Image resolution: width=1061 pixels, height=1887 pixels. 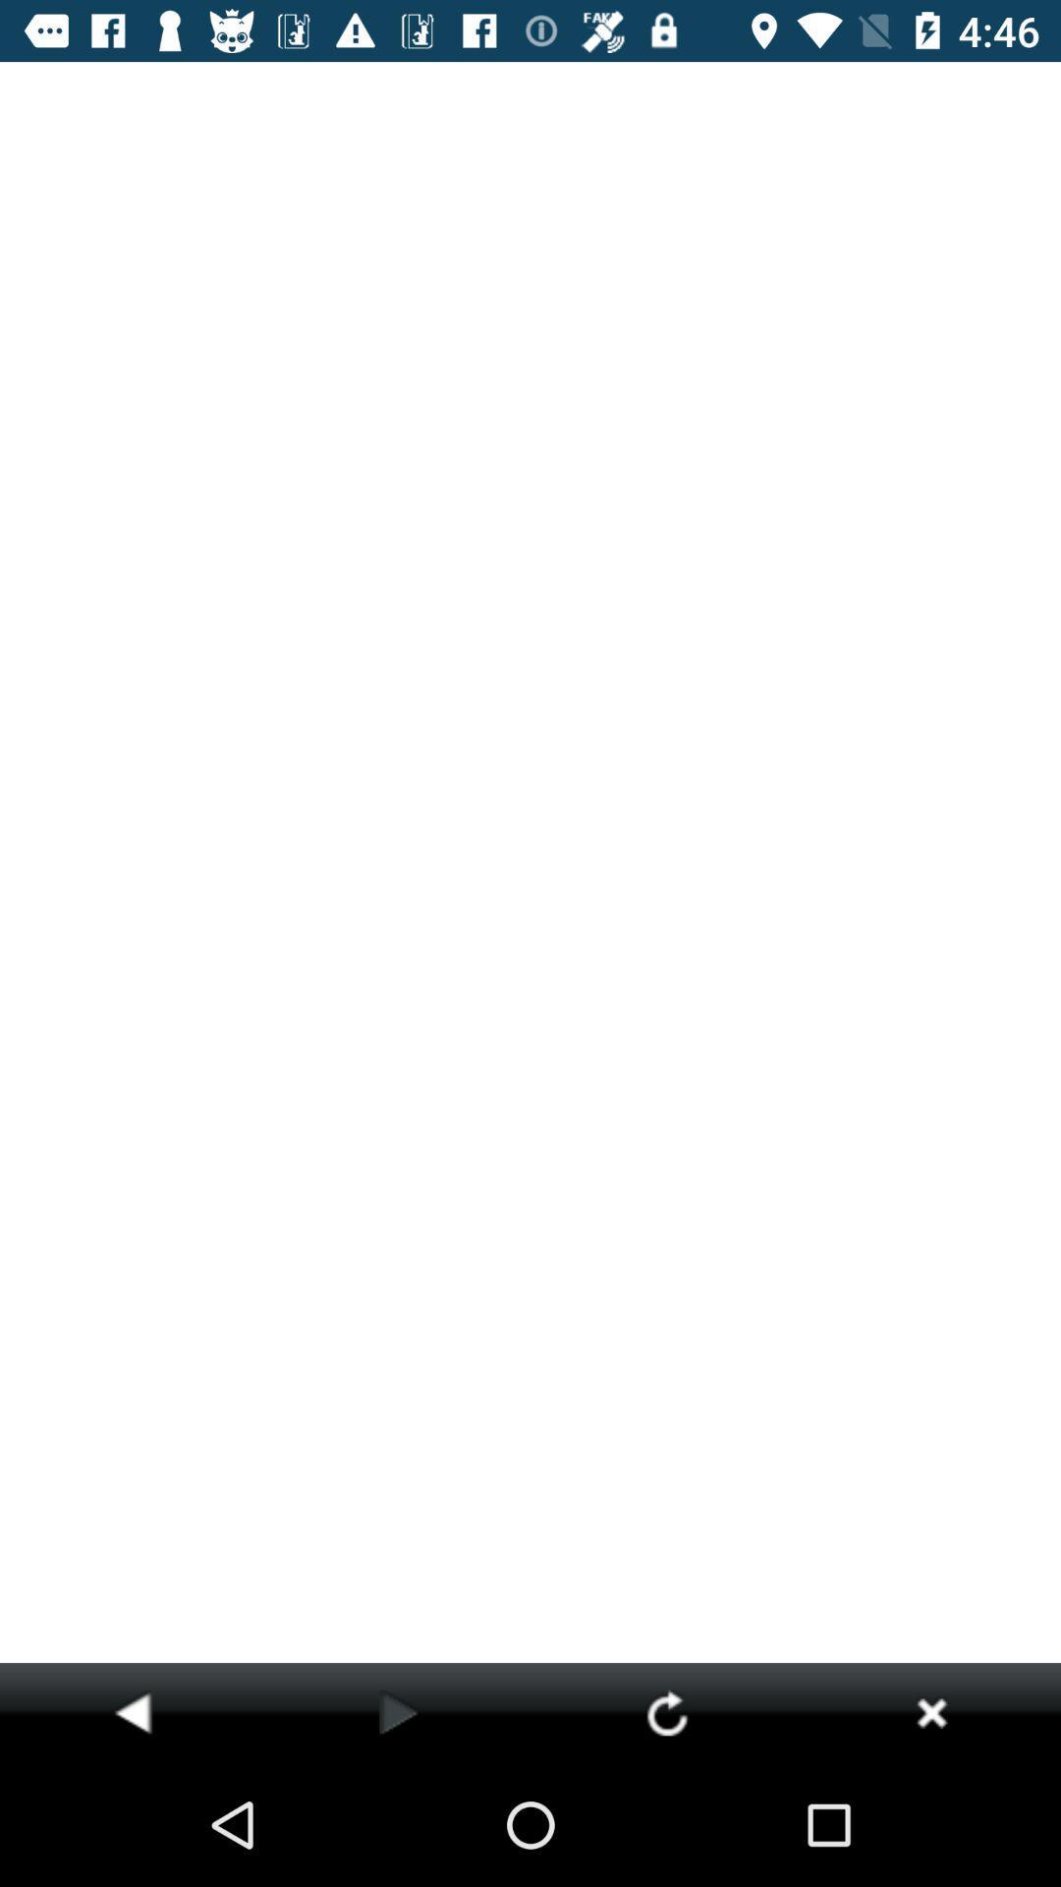 I want to click on go forward, so click(x=398, y=1711).